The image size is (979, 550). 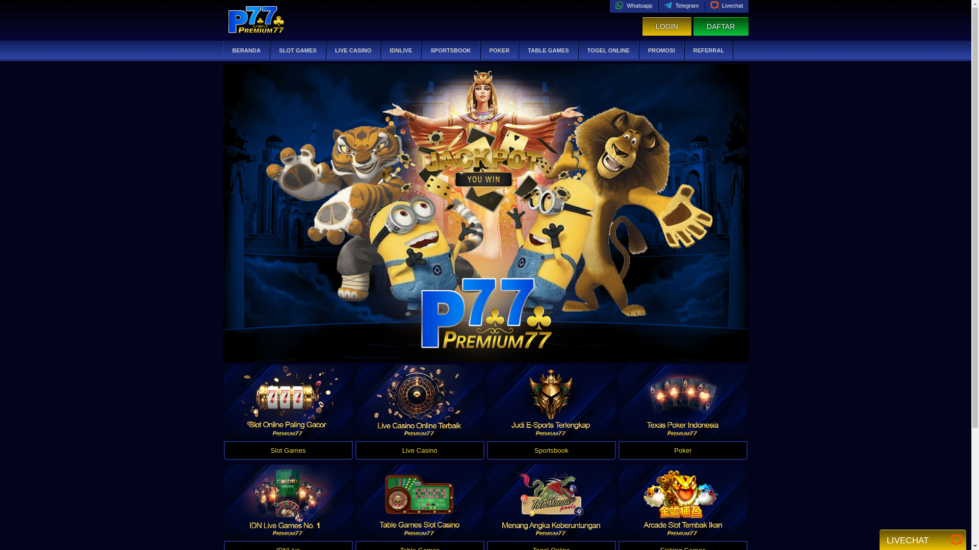 What do you see at coordinates (708, 50) in the screenshot?
I see `'REFERRAL'` at bounding box center [708, 50].